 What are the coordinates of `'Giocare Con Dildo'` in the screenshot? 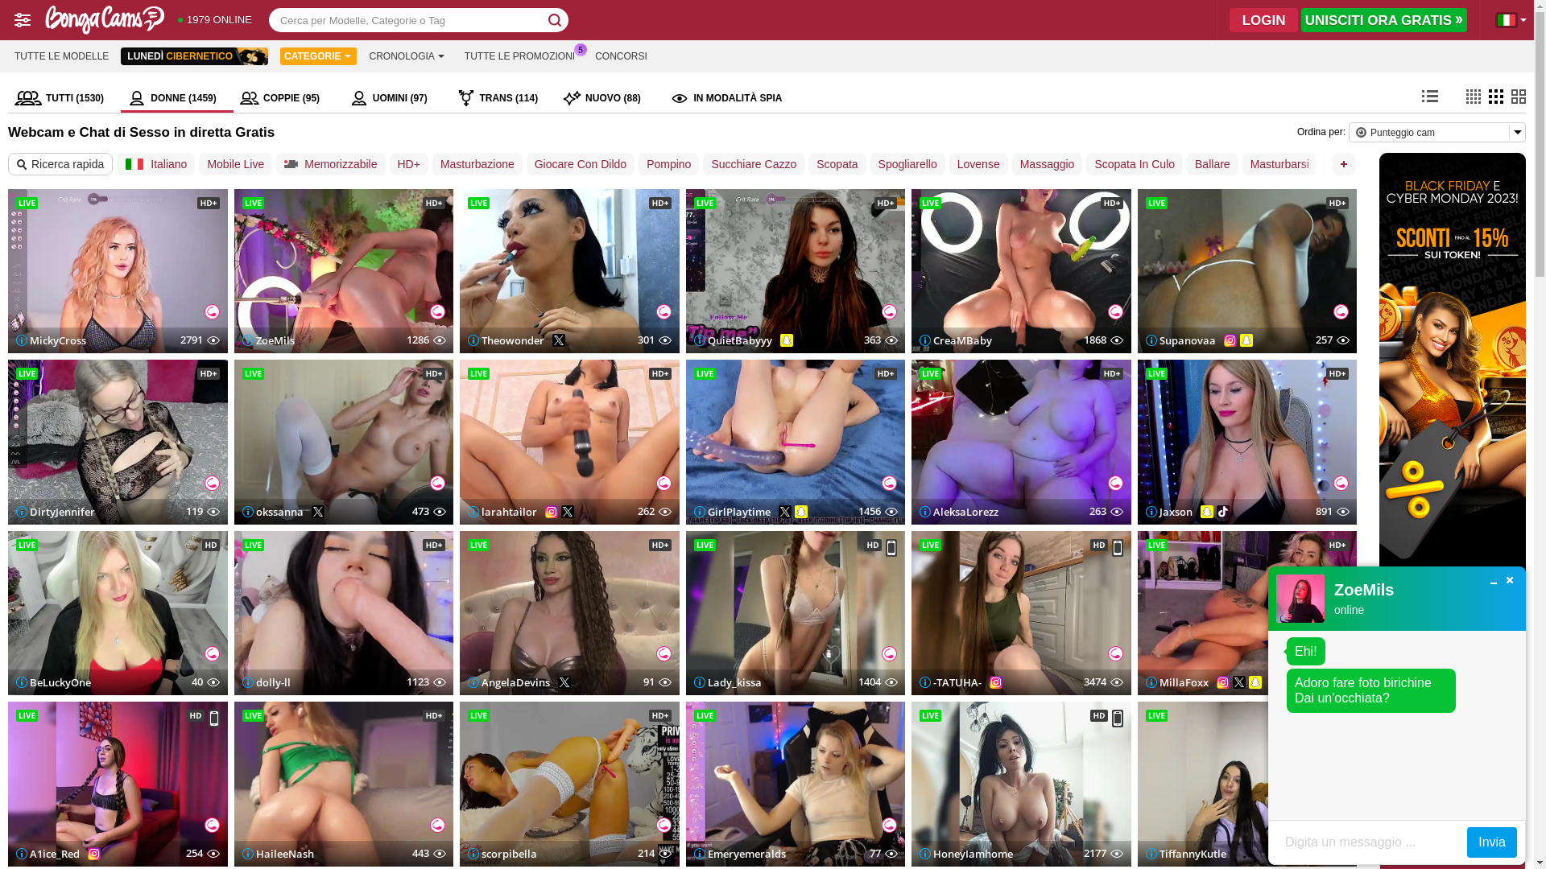 It's located at (580, 164).